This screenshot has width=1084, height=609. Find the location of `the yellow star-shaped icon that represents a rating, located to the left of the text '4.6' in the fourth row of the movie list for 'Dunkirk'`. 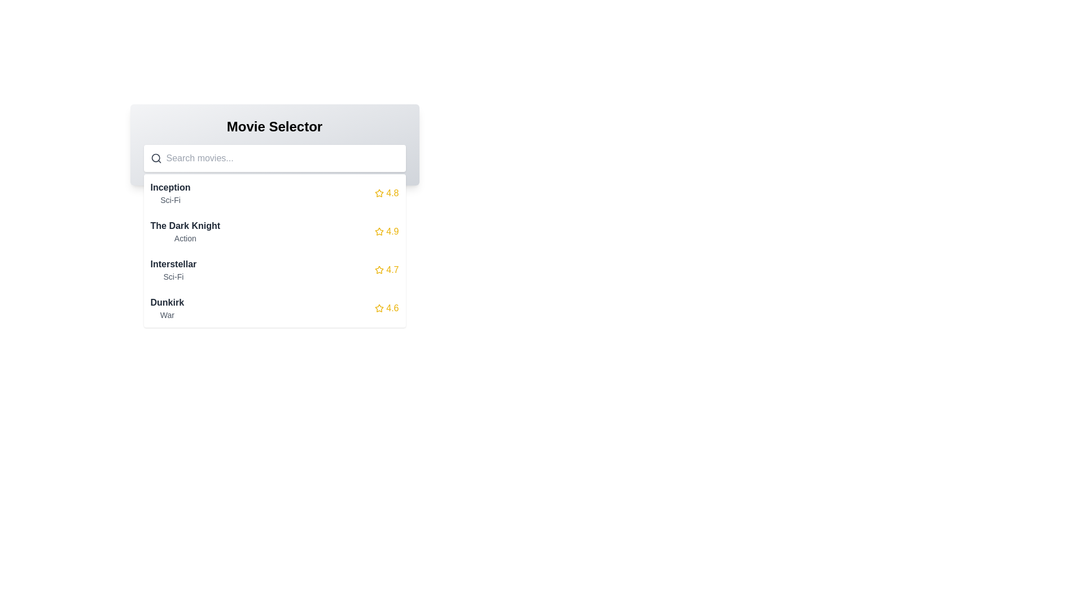

the yellow star-shaped icon that represents a rating, located to the left of the text '4.6' in the fourth row of the movie list for 'Dunkirk' is located at coordinates (379, 308).